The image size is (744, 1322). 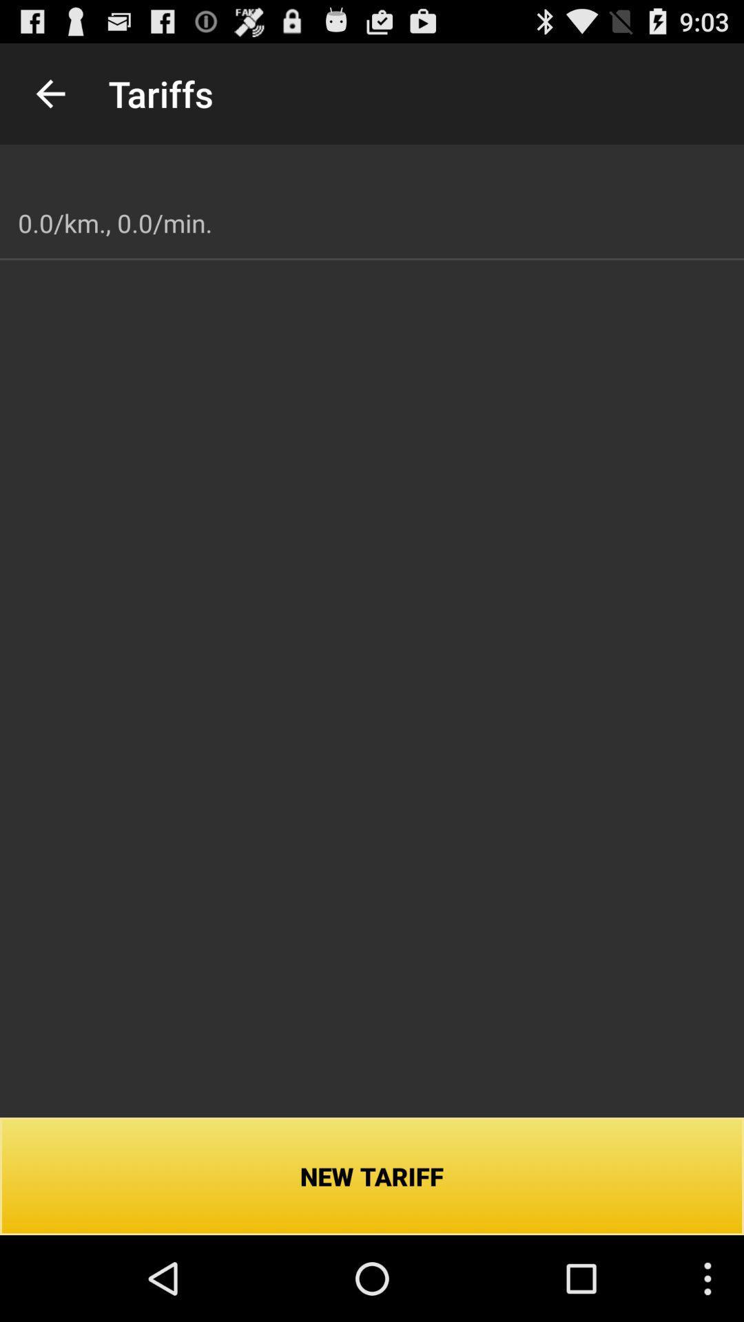 What do you see at coordinates (50, 93) in the screenshot?
I see `the icon to the left of tariffs app` at bounding box center [50, 93].